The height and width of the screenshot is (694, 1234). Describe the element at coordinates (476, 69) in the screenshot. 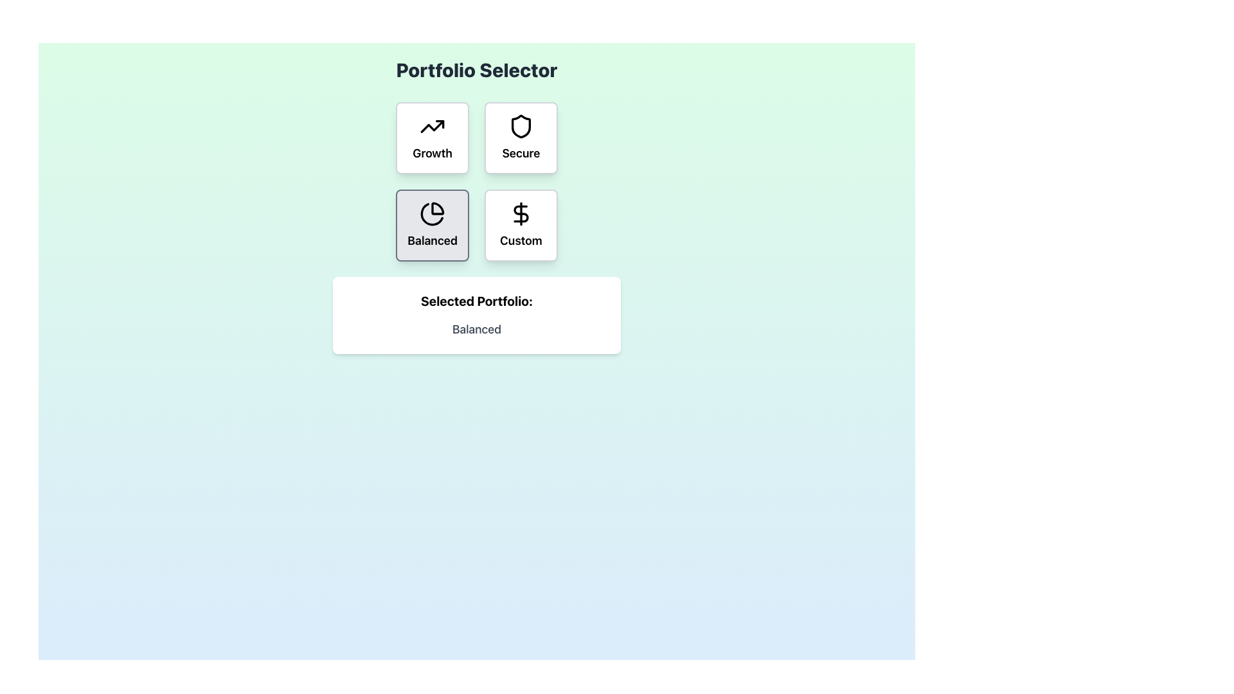

I see `the 'Portfolio Selector' text label, which is a prominent header styled with large, bold typography in dark gray, located near the top of the main layout and centered above the four options` at that location.